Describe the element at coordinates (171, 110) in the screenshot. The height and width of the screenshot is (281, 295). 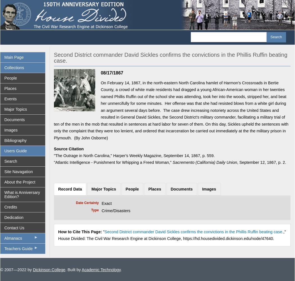
I see `'On February 14, 1867, in the north-eastern North Carolina hamlet of Harmon's Crossroads in Bertie County, a crowd of white male residents had dragged a young African-American woman in her twenties named Phillis Ruffin out of the school she was attending, took her into the woods, stripped her, and beat her unmercifully for some minutes.  Her offense was that she had resisted blows from a white girl during an argument several days before.  The case drew increasing notoriety across the United States and resulted in General David Sickles, the Second District's military commander, facilitating a military trial of ten of the men in the mob that resulted in sentences at hard labor for seven of them. On this day, Sickles upheld the sentences with only the complaint that they were too lenient, and ordered that incarceration be carried out immediately at the the military prison in Plymouth.  (By John Osborne)'` at that location.